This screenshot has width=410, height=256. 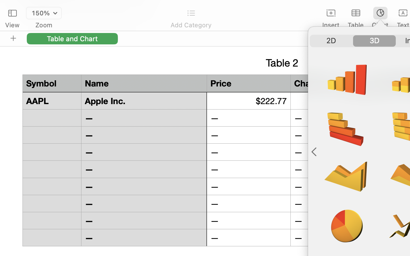 What do you see at coordinates (331, 25) in the screenshot?
I see `'Insert'` at bounding box center [331, 25].